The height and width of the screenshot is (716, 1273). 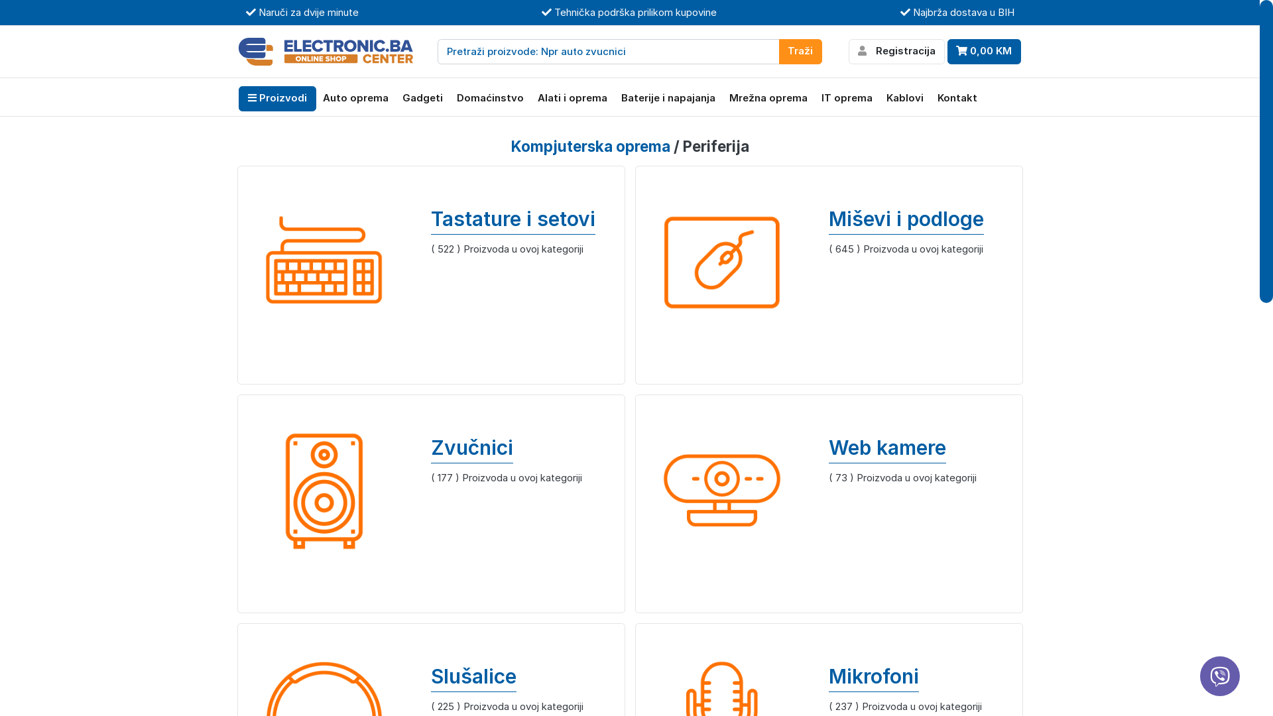 I want to click on 'Baterije i napajanja', so click(x=668, y=98).